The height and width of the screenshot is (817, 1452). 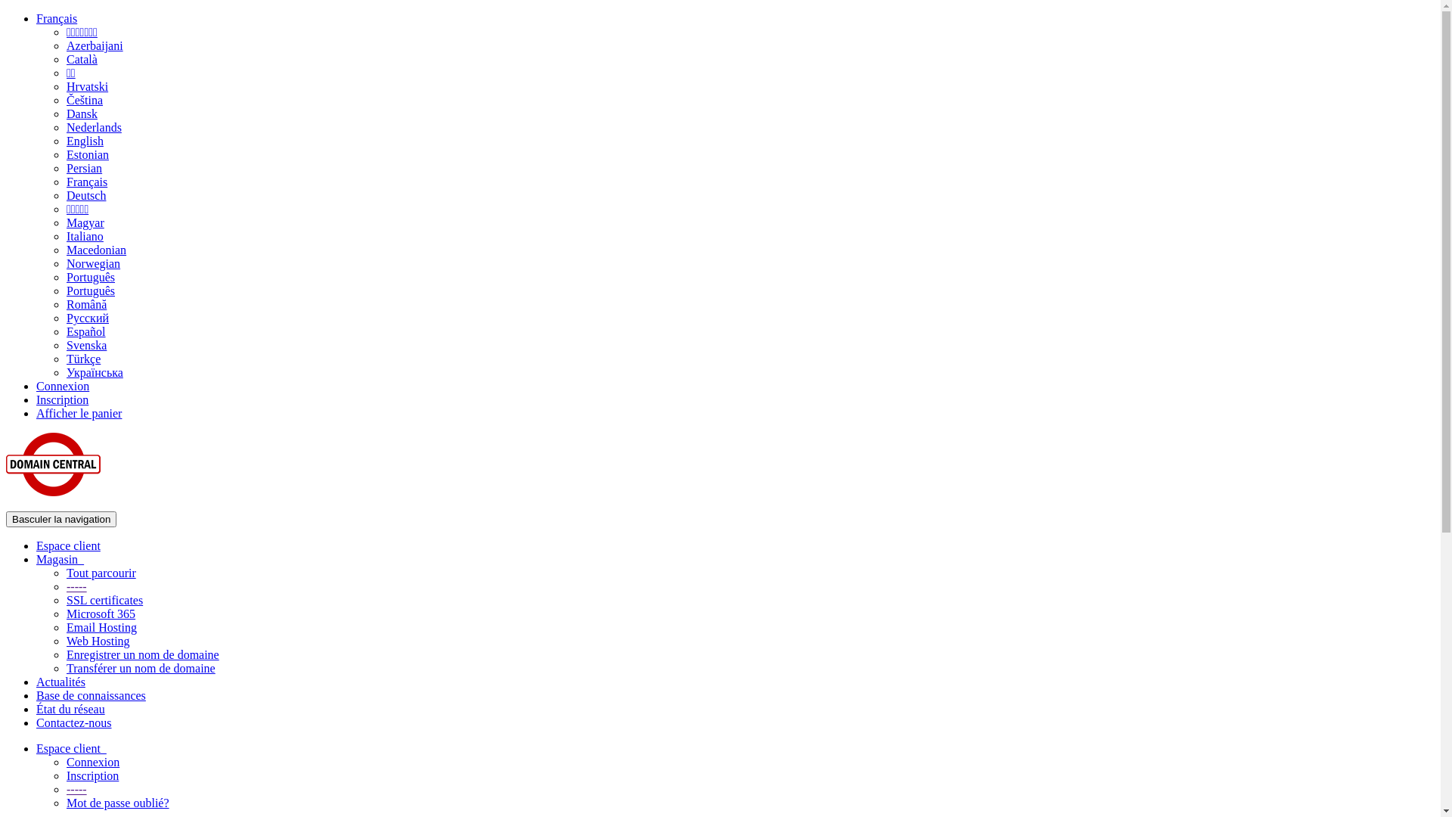 I want to click on 'Estonian', so click(x=86, y=154).